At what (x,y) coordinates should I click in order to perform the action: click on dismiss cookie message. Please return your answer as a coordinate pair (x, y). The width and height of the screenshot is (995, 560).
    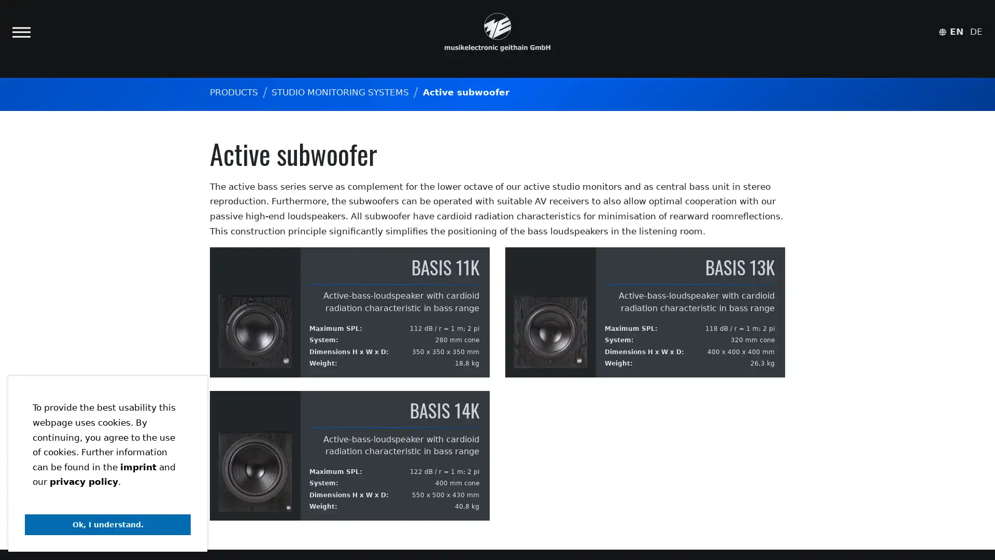
    Looking at the image, I should click on (107, 524).